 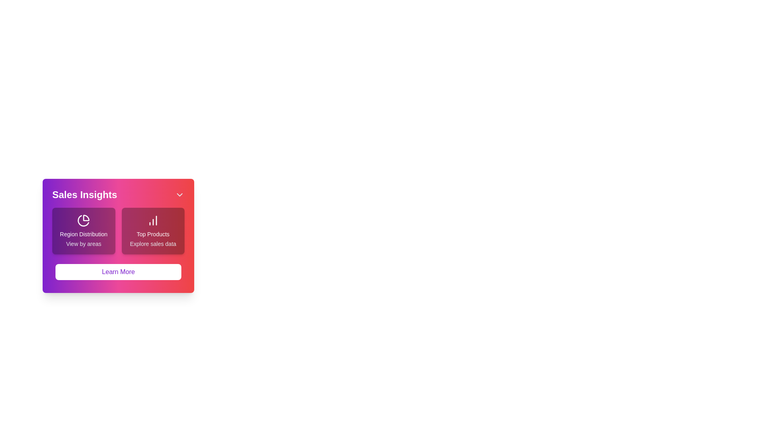 I want to click on the 'Learn More' button, which is a rectangular button with rounded corners, featuring a white background and purple text, located at the bottom center of a card-like component, so click(x=118, y=272).